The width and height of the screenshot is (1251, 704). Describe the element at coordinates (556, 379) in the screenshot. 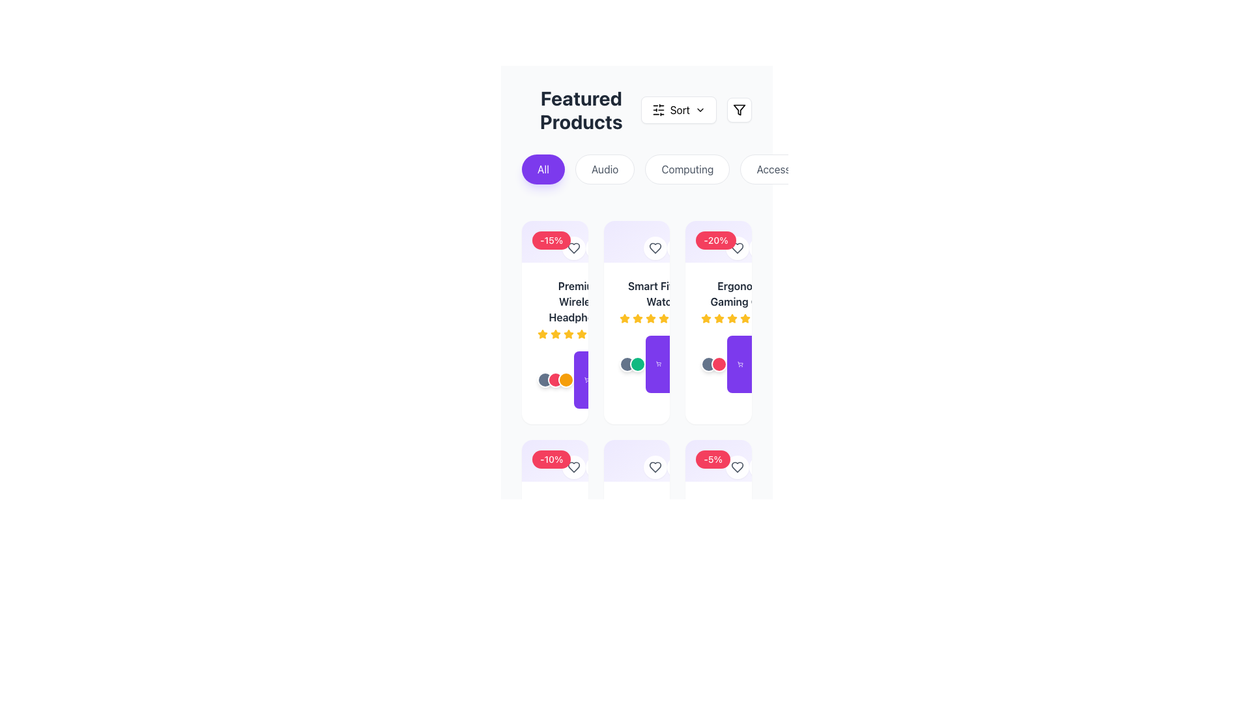

I see `the color or style selector button group located in the lower part of the product card layout to confirm the selection` at that location.